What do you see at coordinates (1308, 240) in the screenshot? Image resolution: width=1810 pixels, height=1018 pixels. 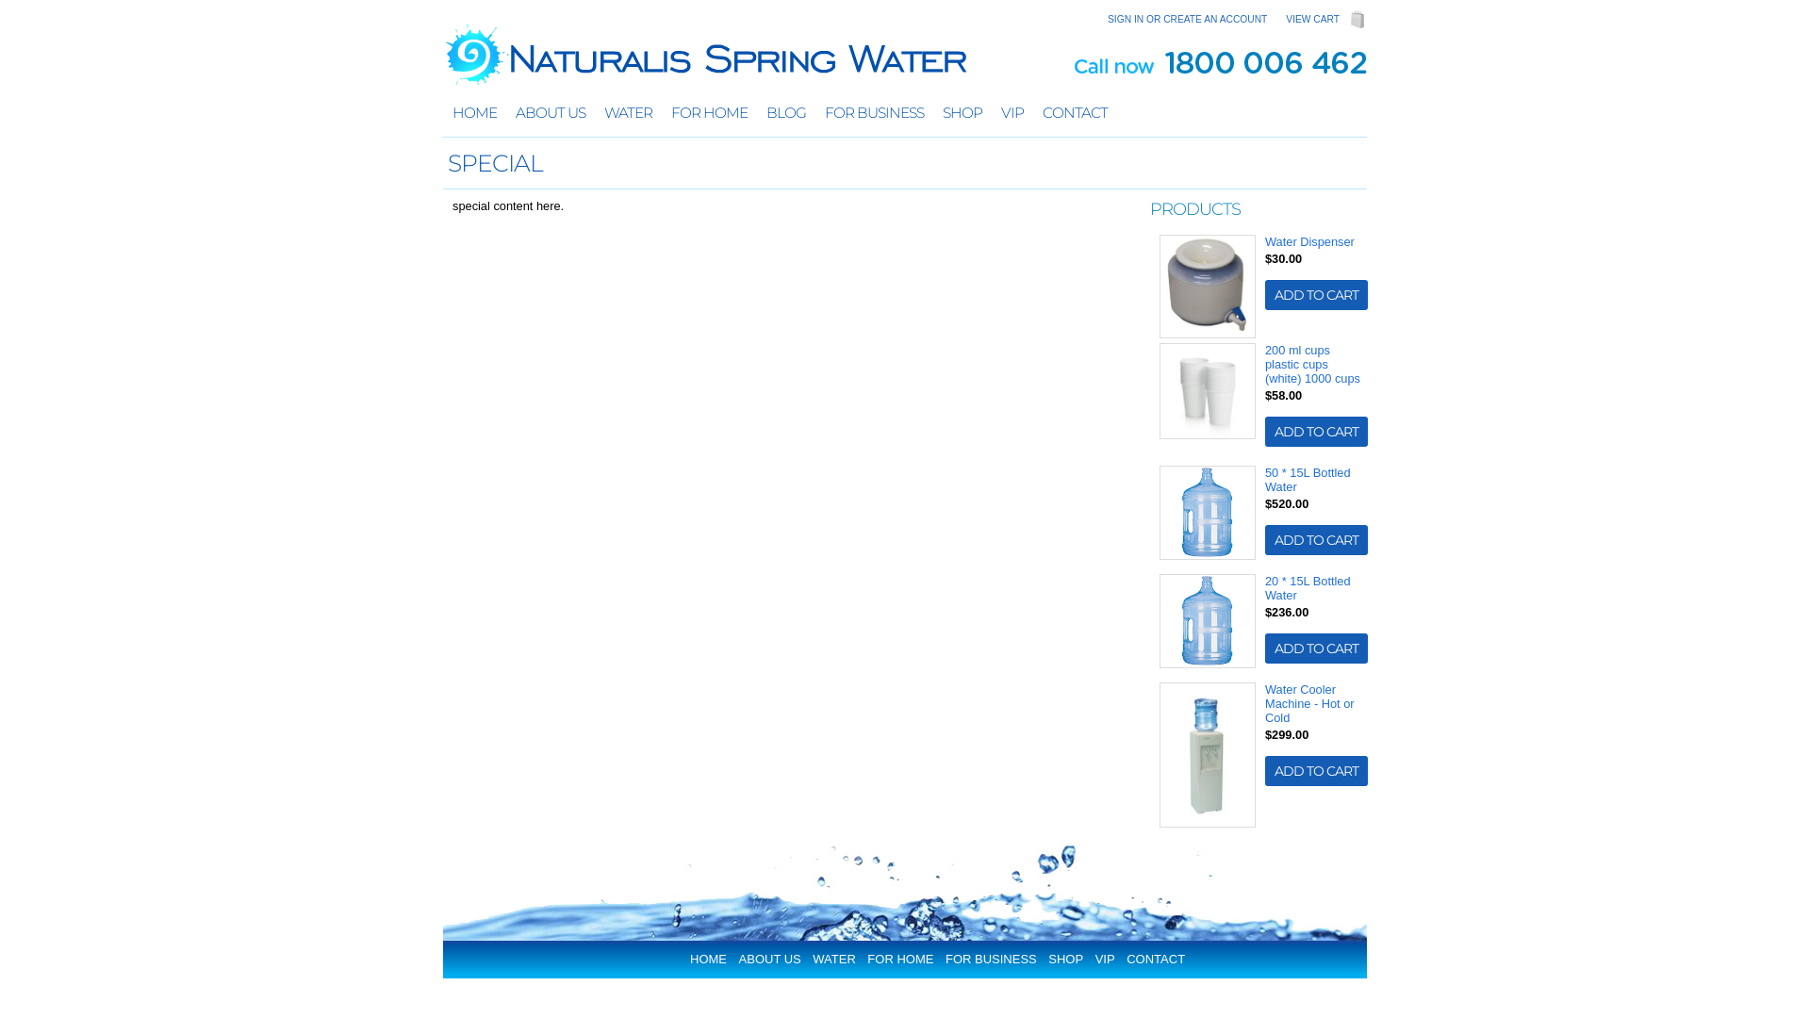 I see `'Water Dispenser'` at bounding box center [1308, 240].